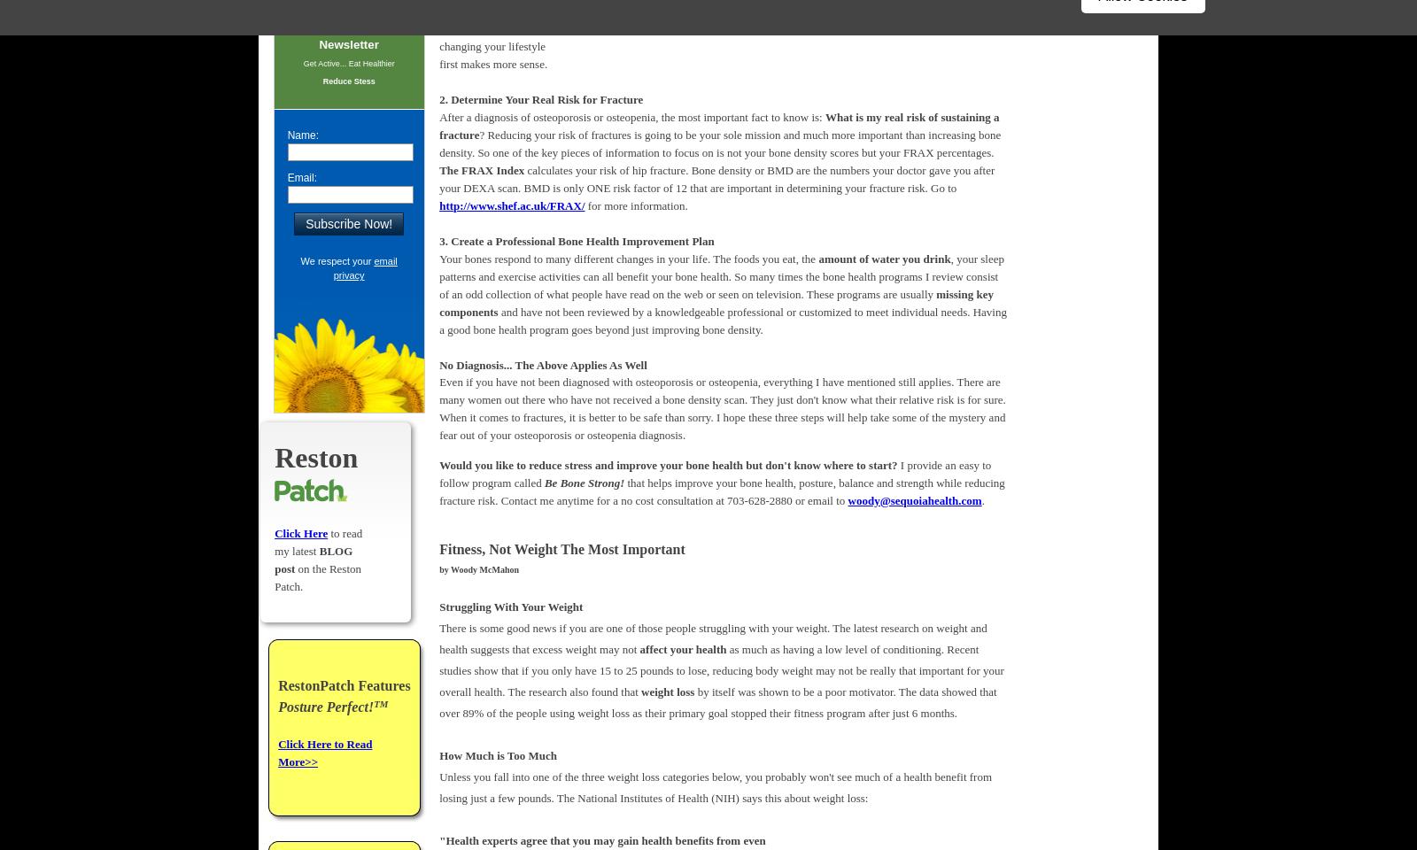 The width and height of the screenshot is (1417, 850). I want to click on 'and have not been reviewed by a knowledgeable professional or customized to meet individual needs. Having a good bone health program goes beyond just improving bone density.', so click(722, 319).